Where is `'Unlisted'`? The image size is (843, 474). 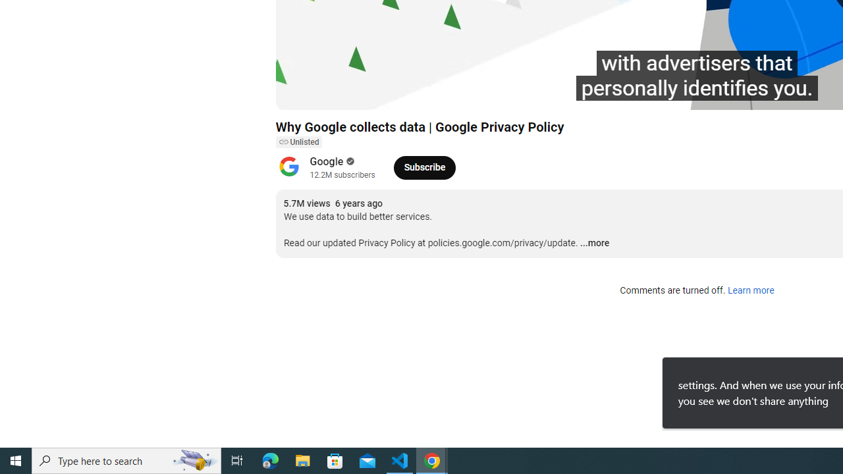 'Unlisted' is located at coordinates (298, 142).